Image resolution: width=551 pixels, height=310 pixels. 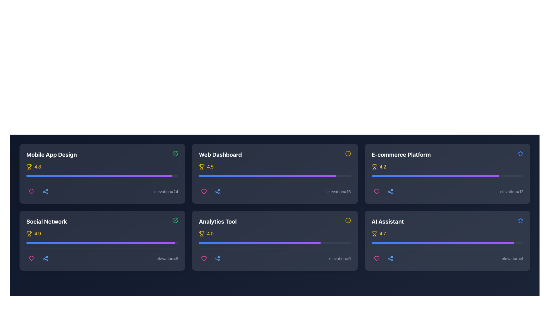 What do you see at coordinates (267, 176) in the screenshot?
I see `across the interactive progress bar located in the middle section of the 'Web Dashboard' card, which is a horizontal gradient bar transitioning from blue` at bounding box center [267, 176].